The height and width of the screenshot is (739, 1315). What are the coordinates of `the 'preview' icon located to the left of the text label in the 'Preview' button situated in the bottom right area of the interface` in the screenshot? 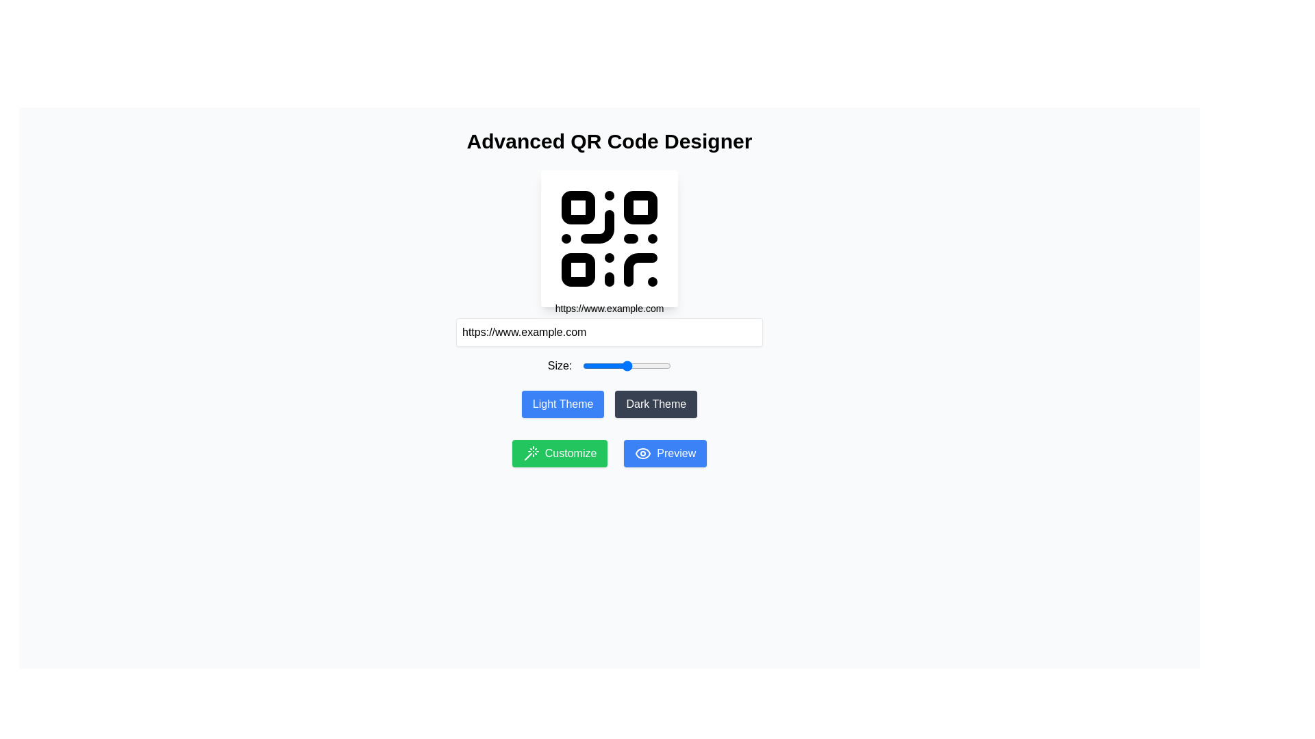 It's located at (642, 454).